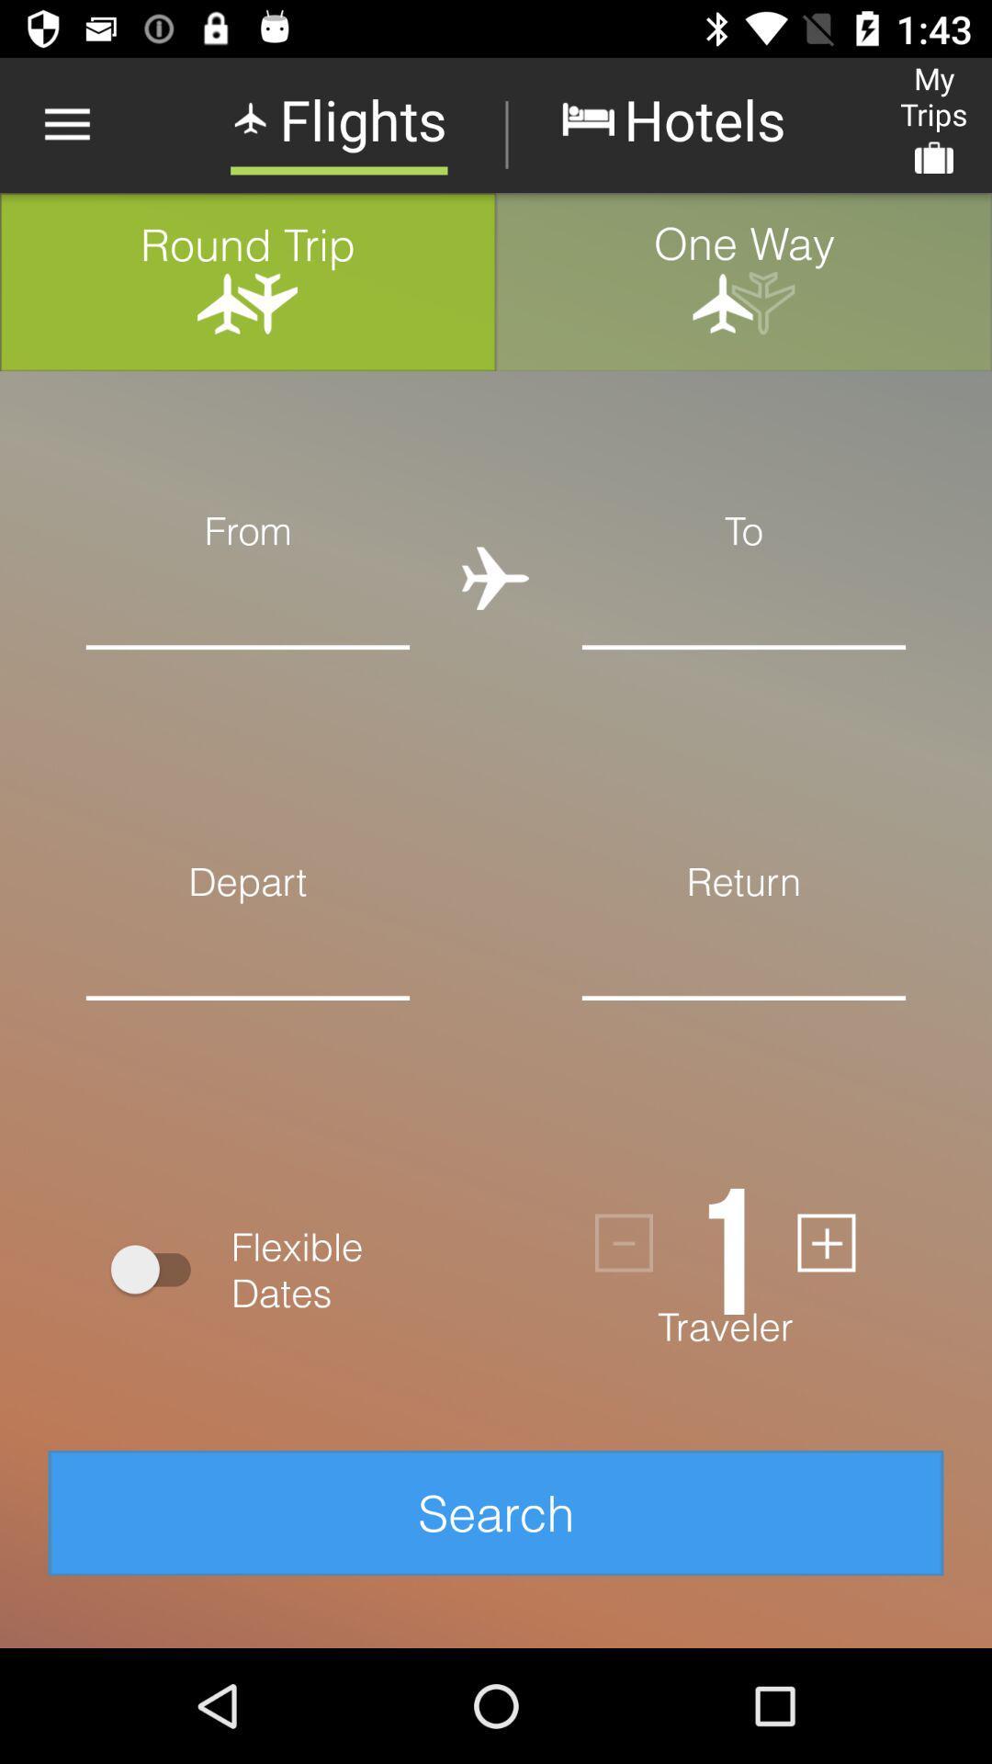 Image resolution: width=992 pixels, height=1764 pixels. What do you see at coordinates (744, 601) in the screenshot?
I see `the icon below the to icon` at bounding box center [744, 601].